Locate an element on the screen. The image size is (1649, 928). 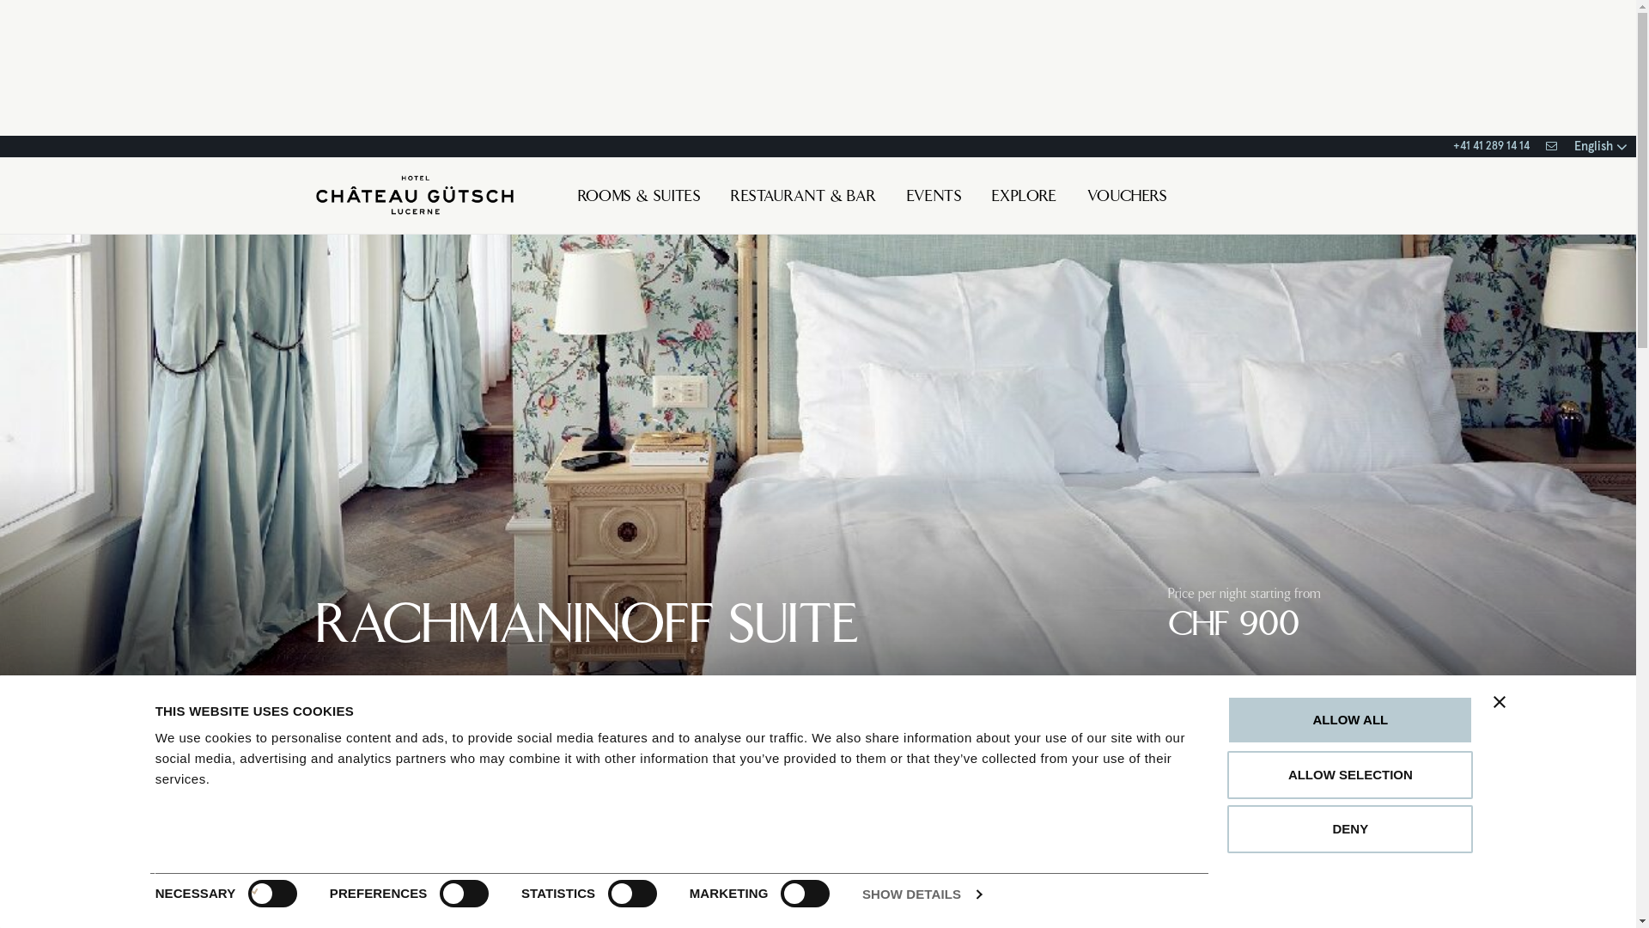
'SHOW DETAILS' is located at coordinates (921, 894).